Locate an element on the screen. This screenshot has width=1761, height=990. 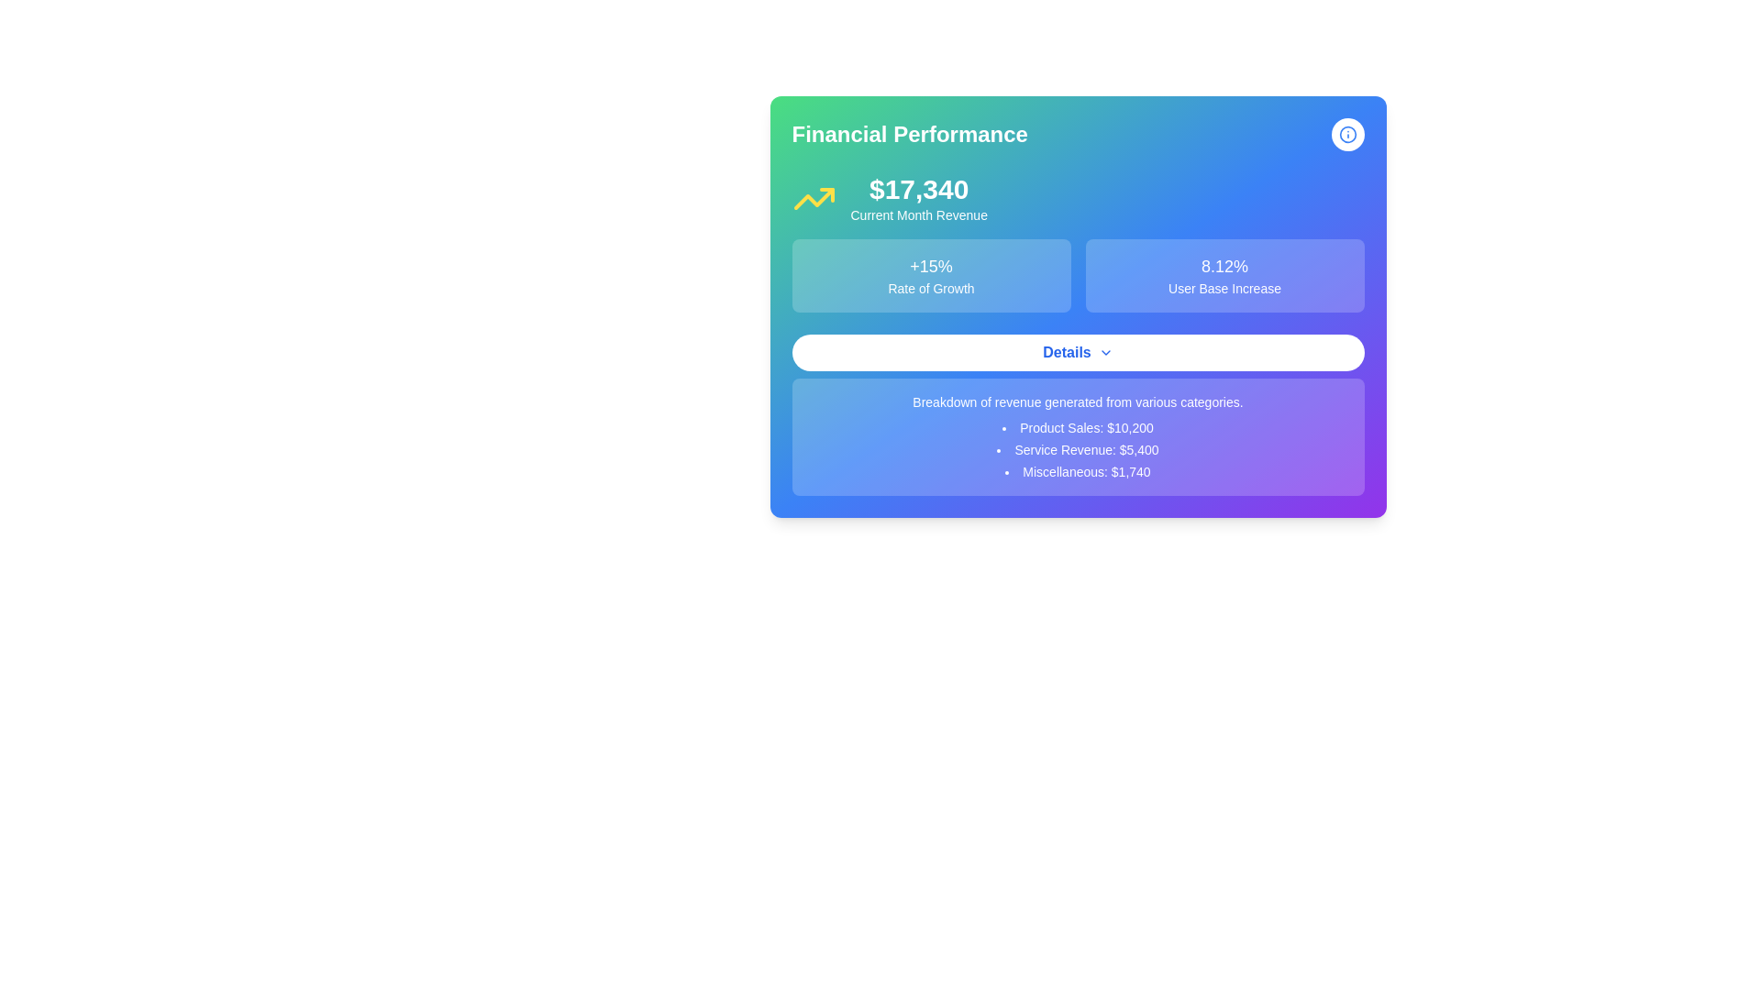
the dropdown menu icon located to the right of the 'Details' text is located at coordinates (1104, 353).